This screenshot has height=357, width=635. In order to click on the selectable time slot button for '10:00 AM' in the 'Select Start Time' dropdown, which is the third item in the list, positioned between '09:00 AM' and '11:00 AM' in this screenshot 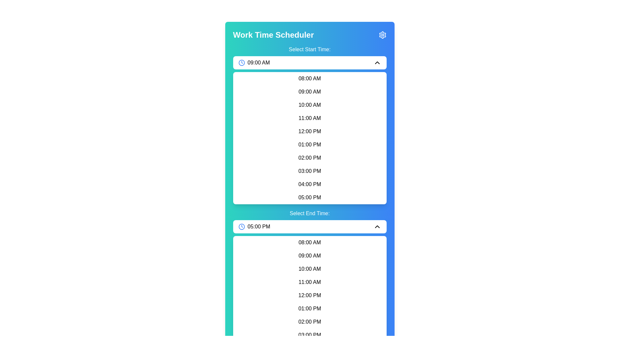, I will do `click(309, 104)`.